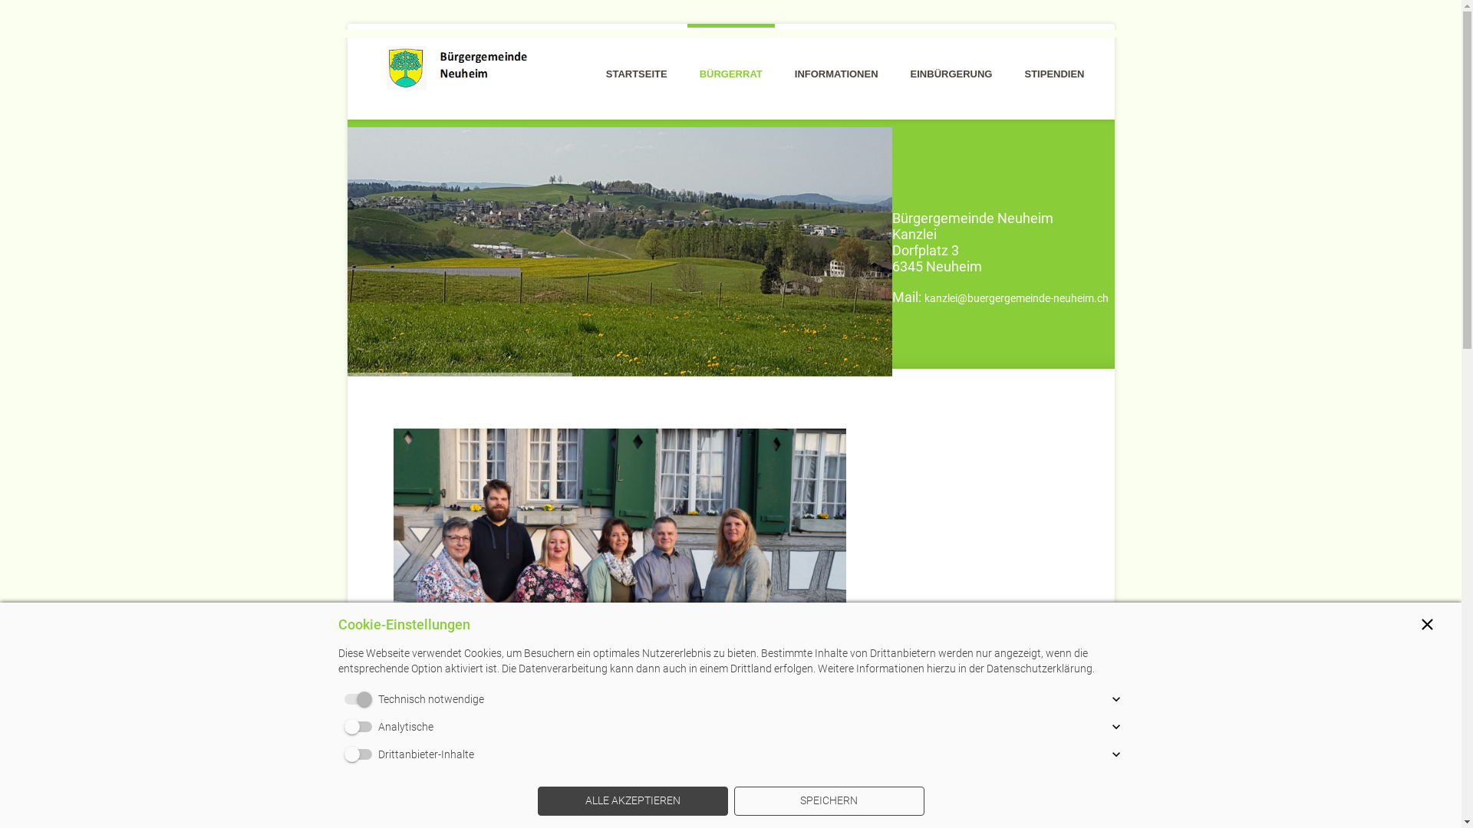  I want to click on 'SPEICHERN', so click(828, 800).